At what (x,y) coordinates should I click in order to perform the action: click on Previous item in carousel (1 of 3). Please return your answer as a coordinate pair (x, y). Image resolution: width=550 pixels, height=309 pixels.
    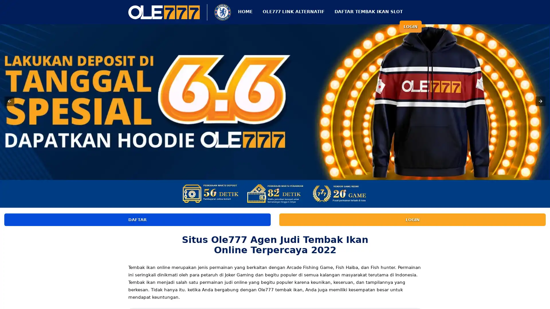
    Looking at the image, I should click on (9, 101).